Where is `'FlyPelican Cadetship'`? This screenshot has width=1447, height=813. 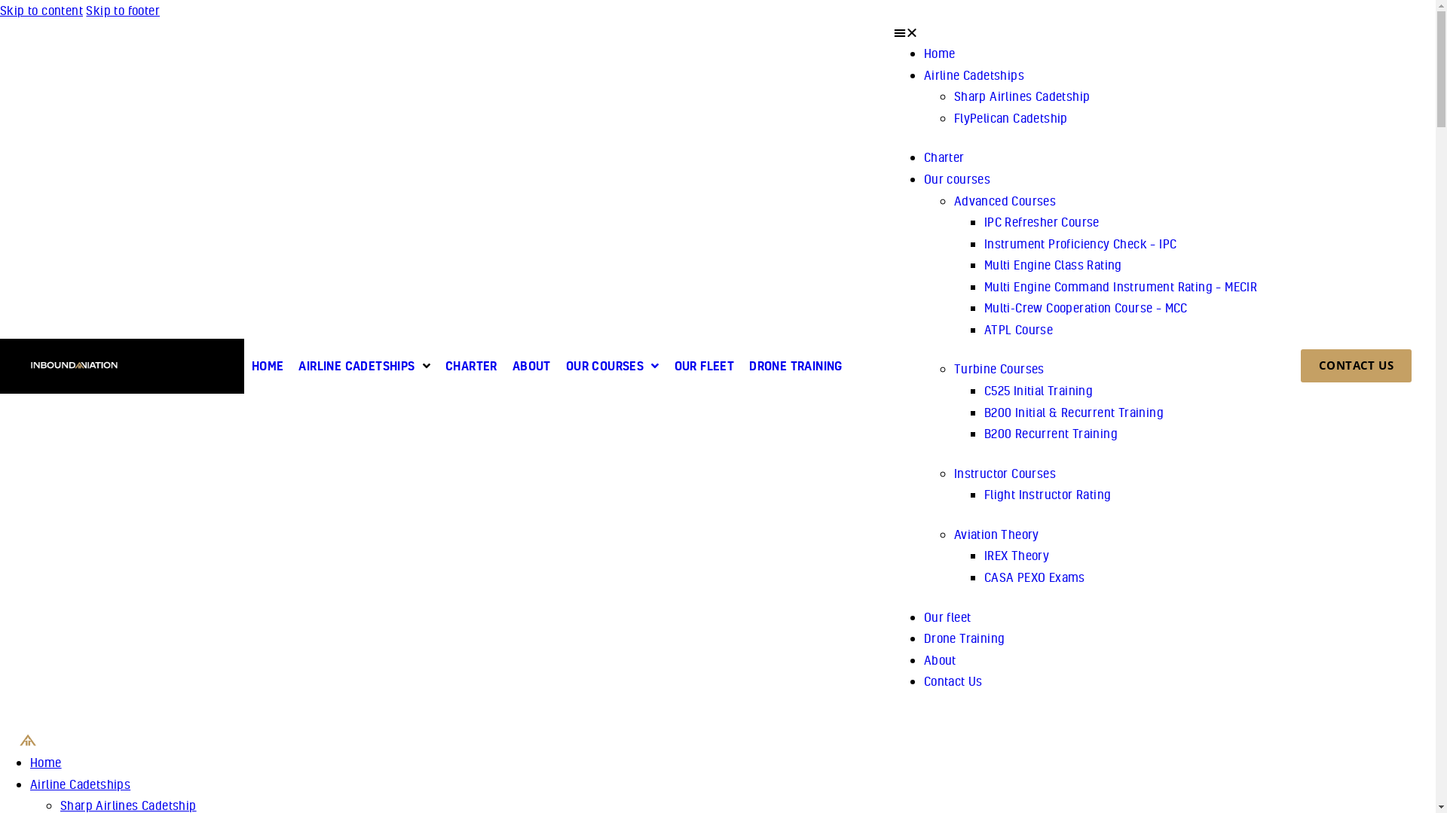
'FlyPelican Cadetship' is located at coordinates (1011, 117).